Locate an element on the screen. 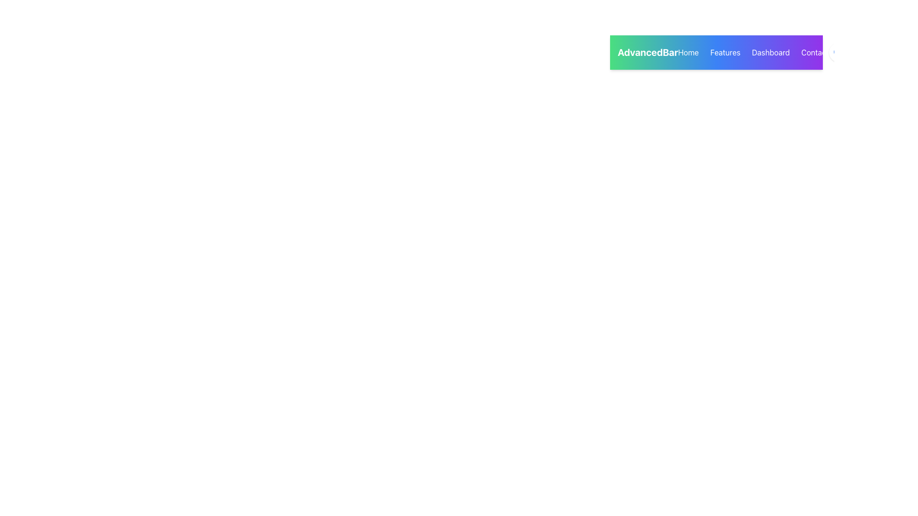  the 'Home' text link, which is the first item in the horizontal navigation bar styled with white text on a blue background is located at coordinates (688, 53).